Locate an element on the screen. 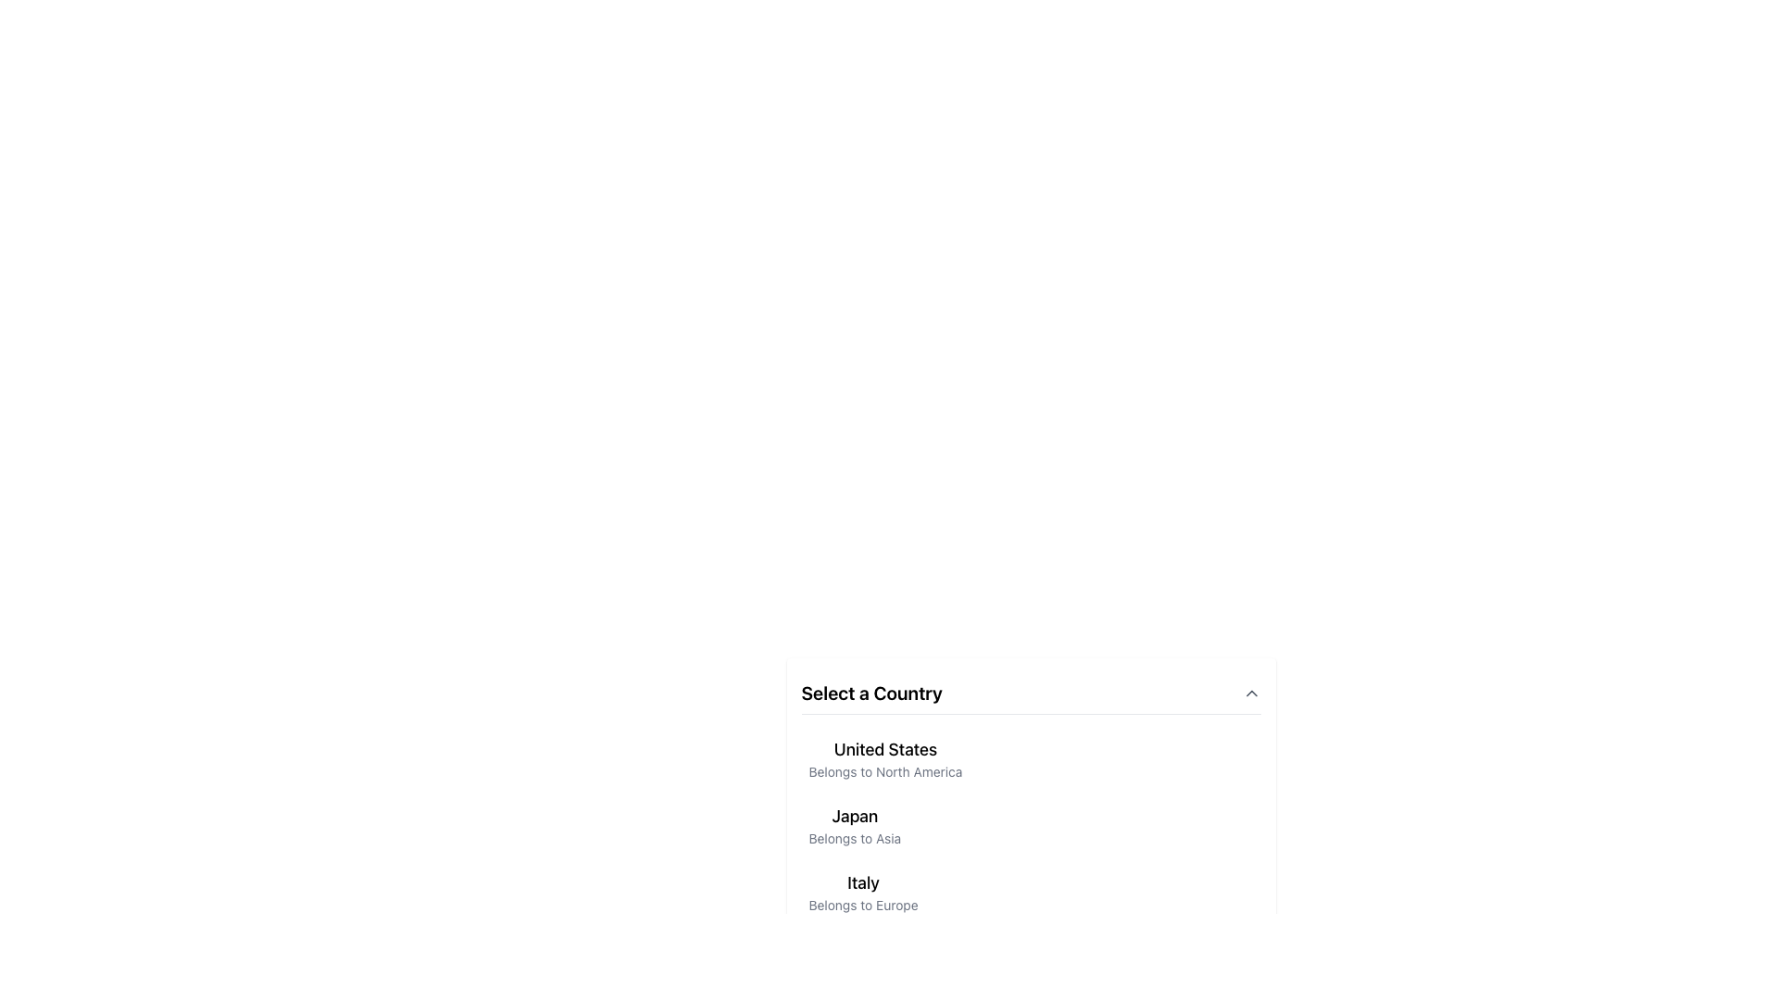 This screenshot has height=1000, width=1778. the first item in the selectable list that represents 'United States', located towards the top-middle of the display is located at coordinates (1030, 759).